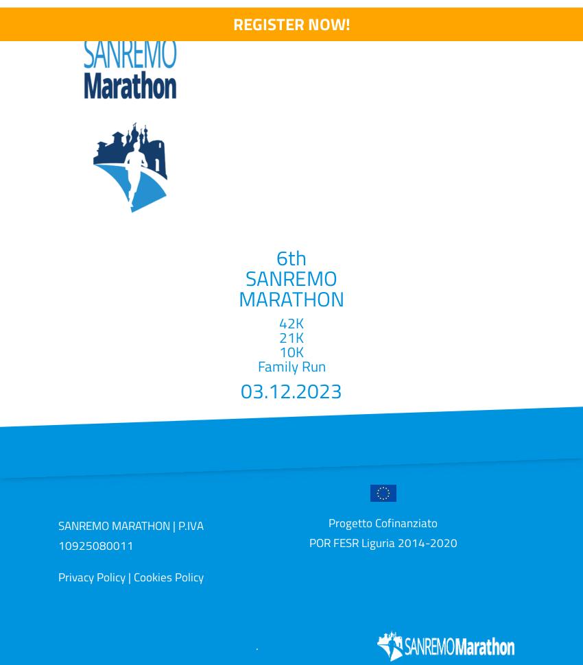  What do you see at coordinates (257, 644) in the screenshot?
I see `'.'` at bounding box center [257, 644].